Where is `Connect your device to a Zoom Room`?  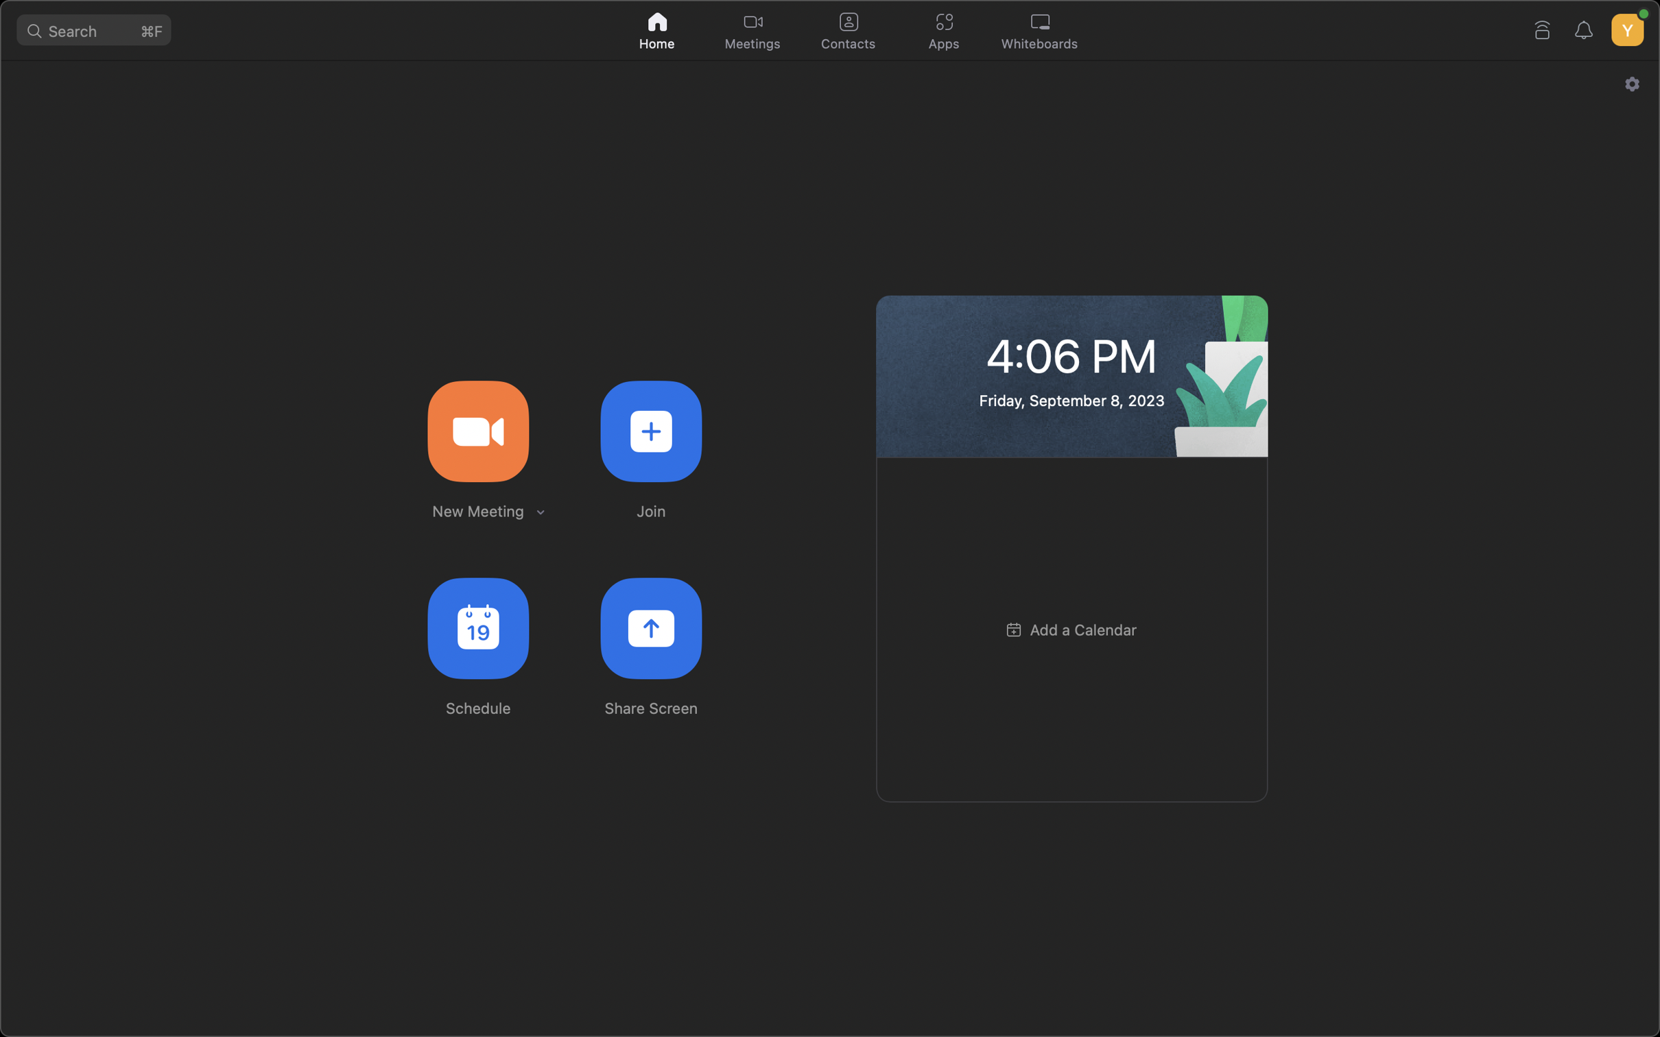 Connect your device to a Zoom Room is located at coordinates (1543, 27).